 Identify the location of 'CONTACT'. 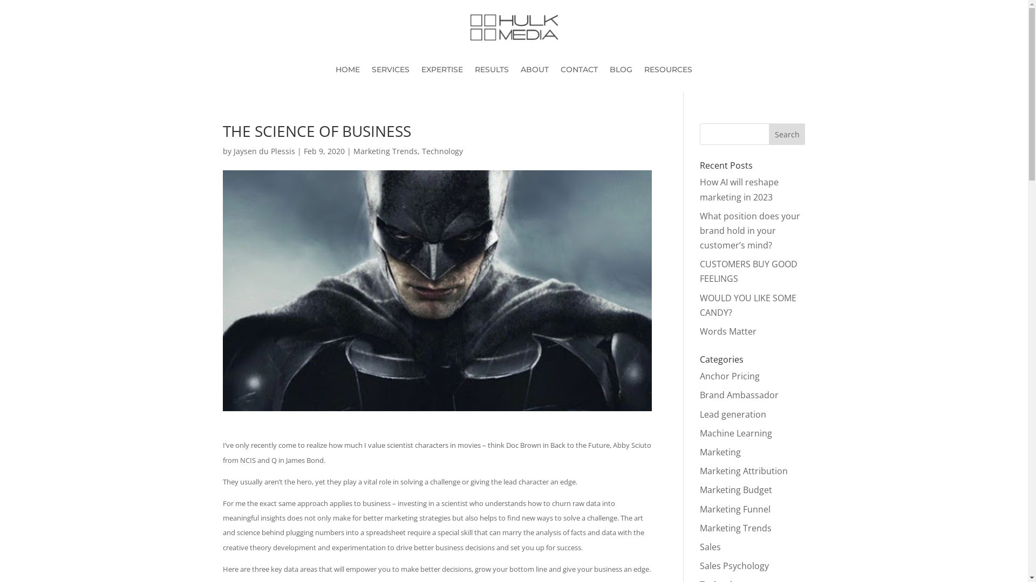
(578, 71).